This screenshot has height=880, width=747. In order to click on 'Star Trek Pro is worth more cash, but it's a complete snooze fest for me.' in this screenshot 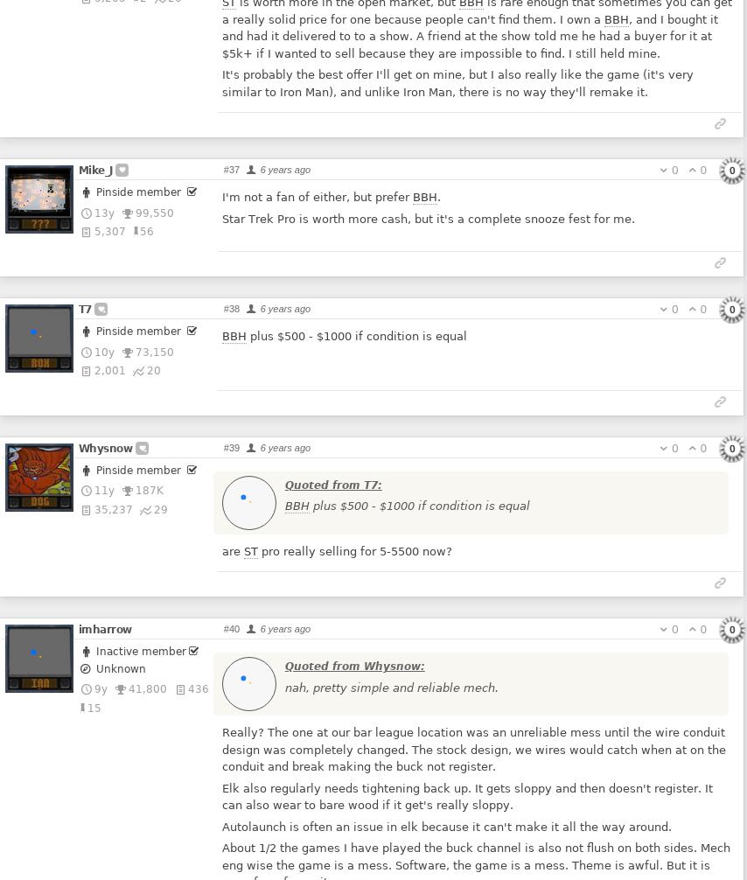, I will do `click(427, 218)`.